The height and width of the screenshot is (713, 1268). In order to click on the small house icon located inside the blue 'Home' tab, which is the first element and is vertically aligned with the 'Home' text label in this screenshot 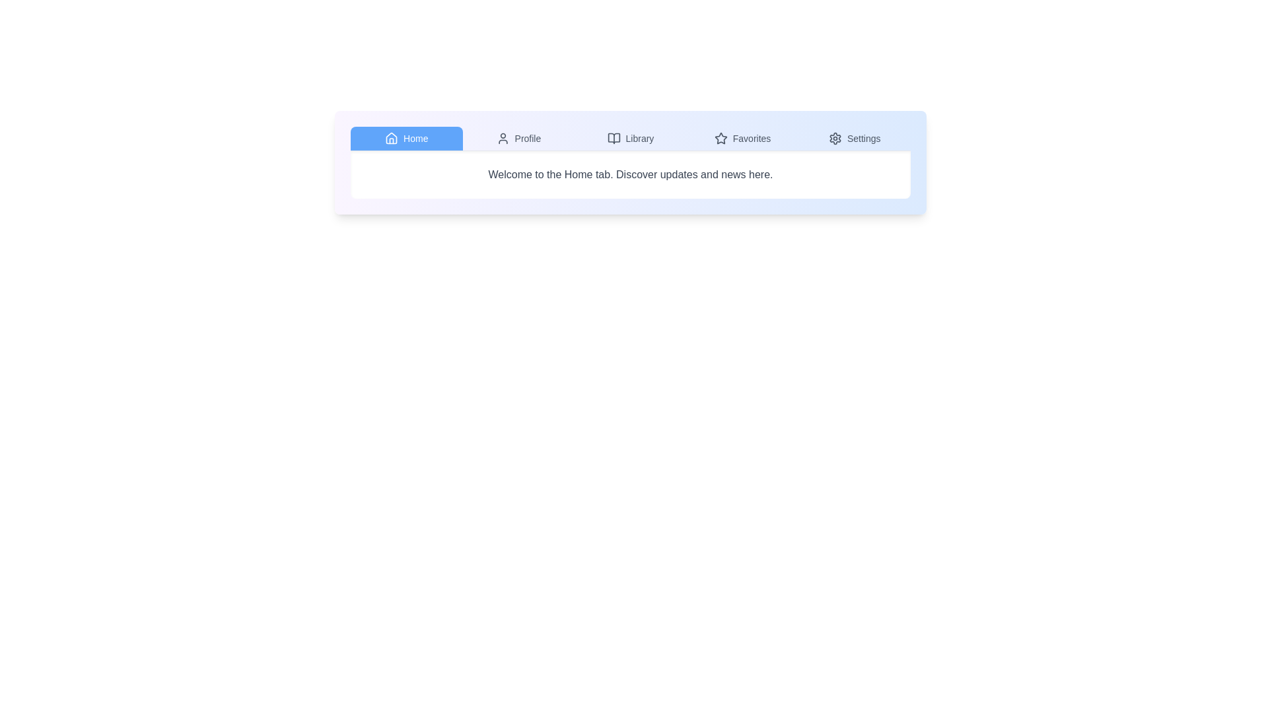, I will do `click(391, 138)`.